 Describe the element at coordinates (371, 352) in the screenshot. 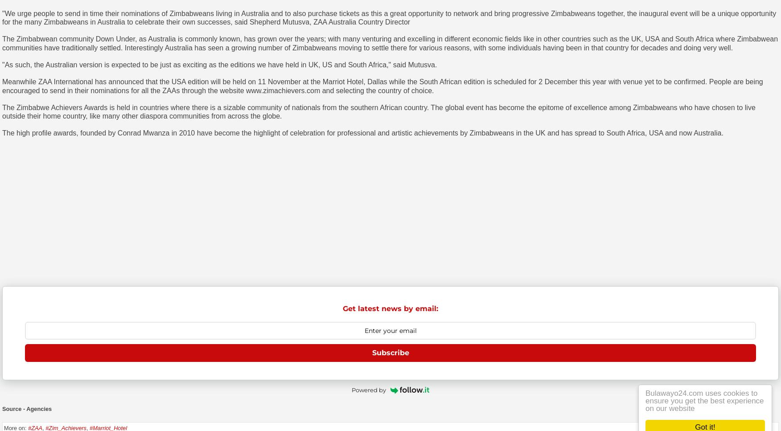

I see `'Subscribe'` at that location.